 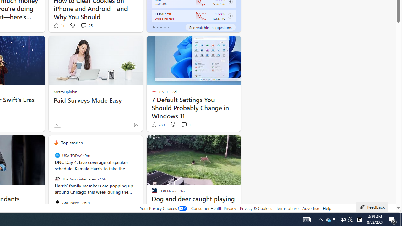 What do you see at coordinates (287, 208) in the screenshot?
I see `'Terms of use'` at bounding box center [287, 208].